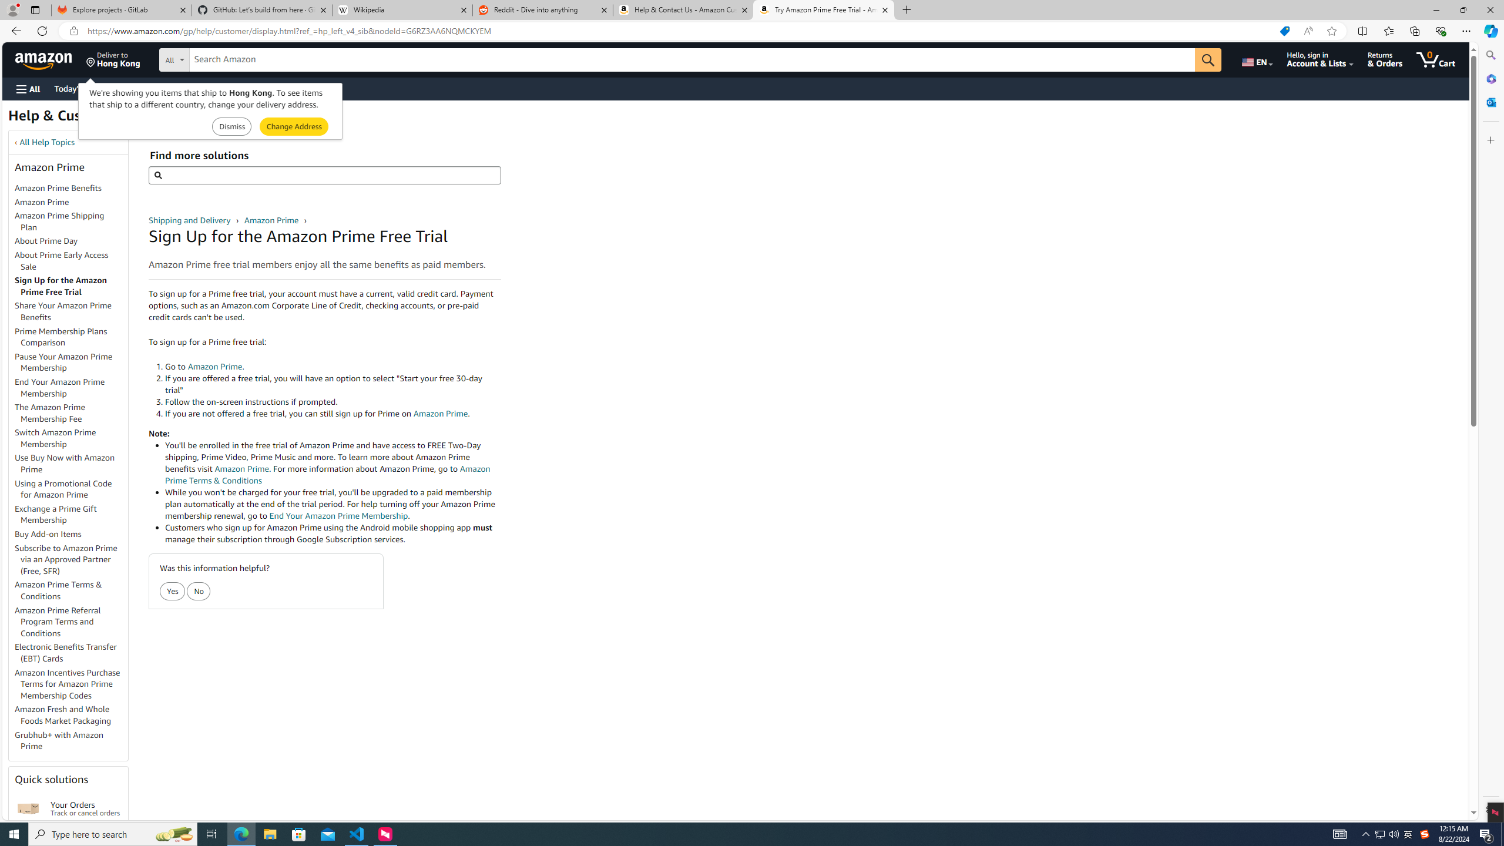 The width and height of the screenshot is (1504, 846). I want to click on 'Exchange a Prime Gift Membership', so click(55, 513).